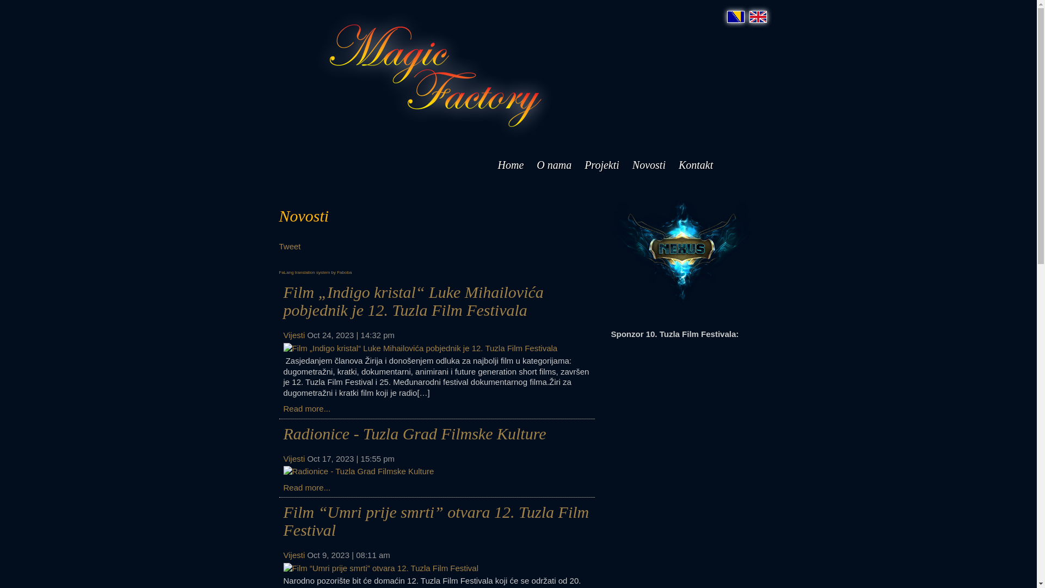  What do you see at coordinates (695, 165) in the screenshot?
I see `'Kontakt'` at bounding box center [695, 165].